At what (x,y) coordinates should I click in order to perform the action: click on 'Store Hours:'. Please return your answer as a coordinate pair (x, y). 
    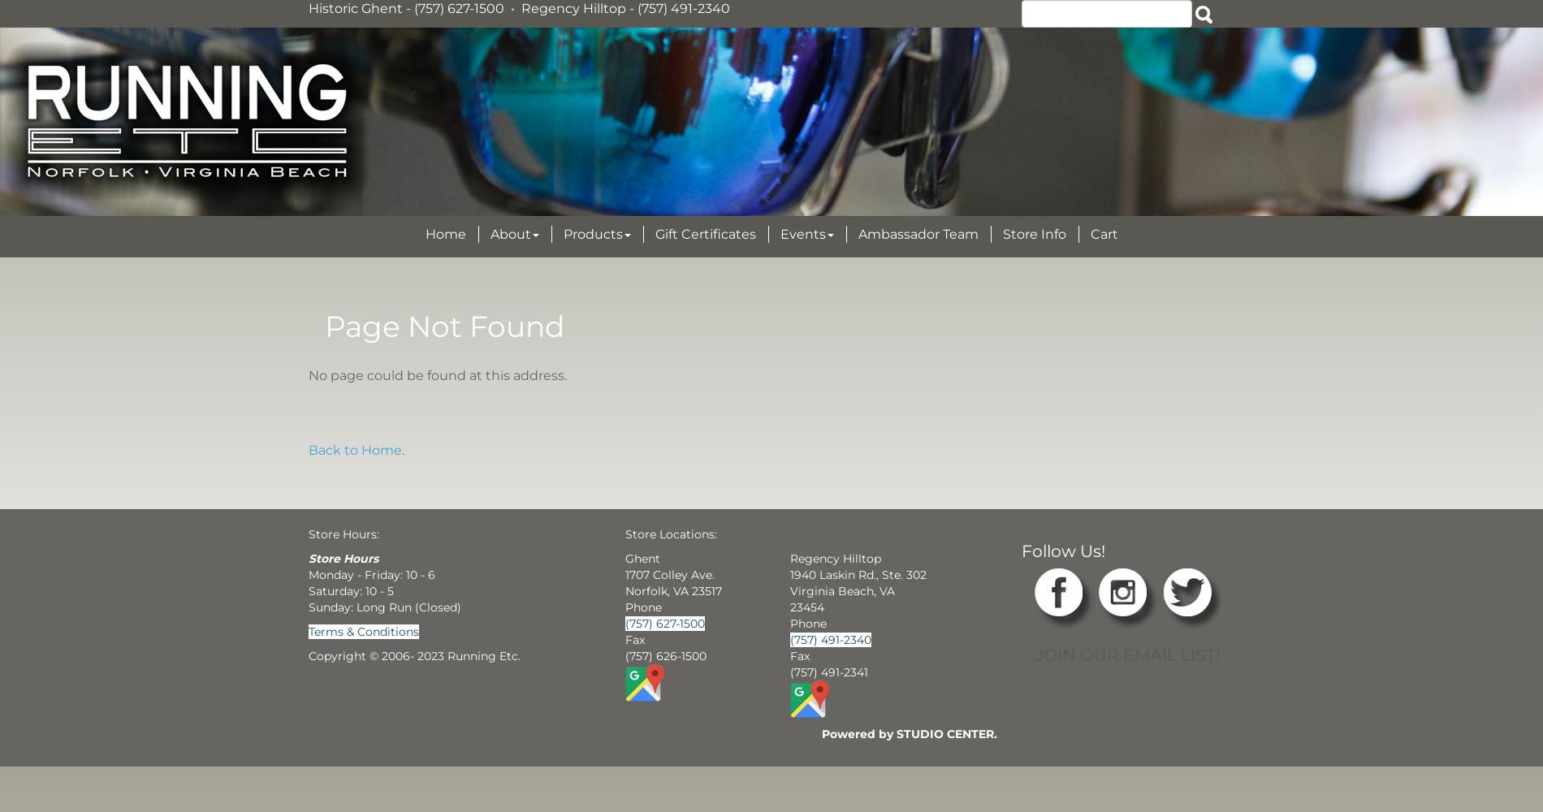
    Looking at the image, I should click on (343, 533).